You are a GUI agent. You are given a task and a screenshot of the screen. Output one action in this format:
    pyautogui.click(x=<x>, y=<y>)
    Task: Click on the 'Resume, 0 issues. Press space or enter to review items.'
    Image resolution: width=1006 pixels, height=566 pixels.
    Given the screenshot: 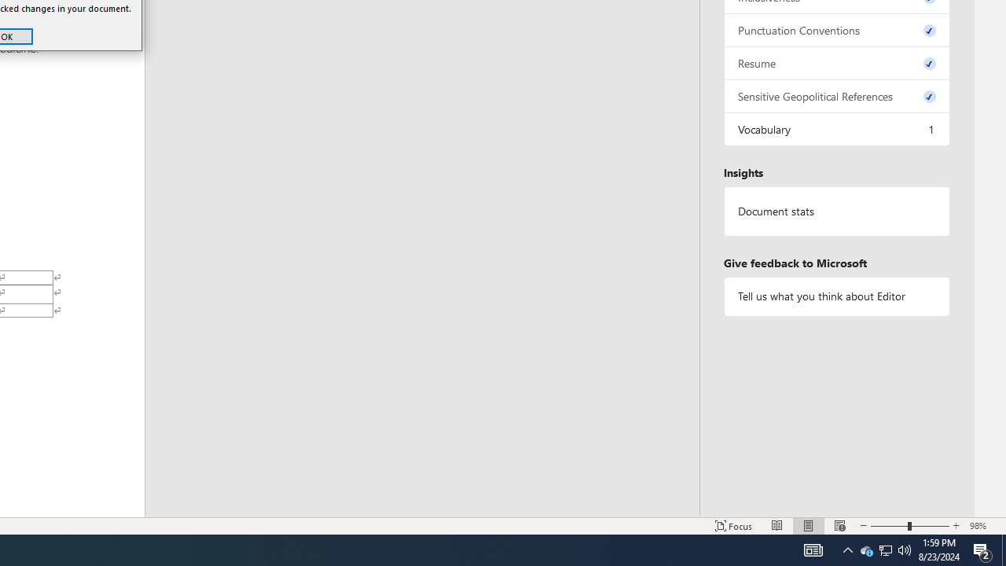 What is the action you would take?
    pyautogui.click(x=835, y=62)
    